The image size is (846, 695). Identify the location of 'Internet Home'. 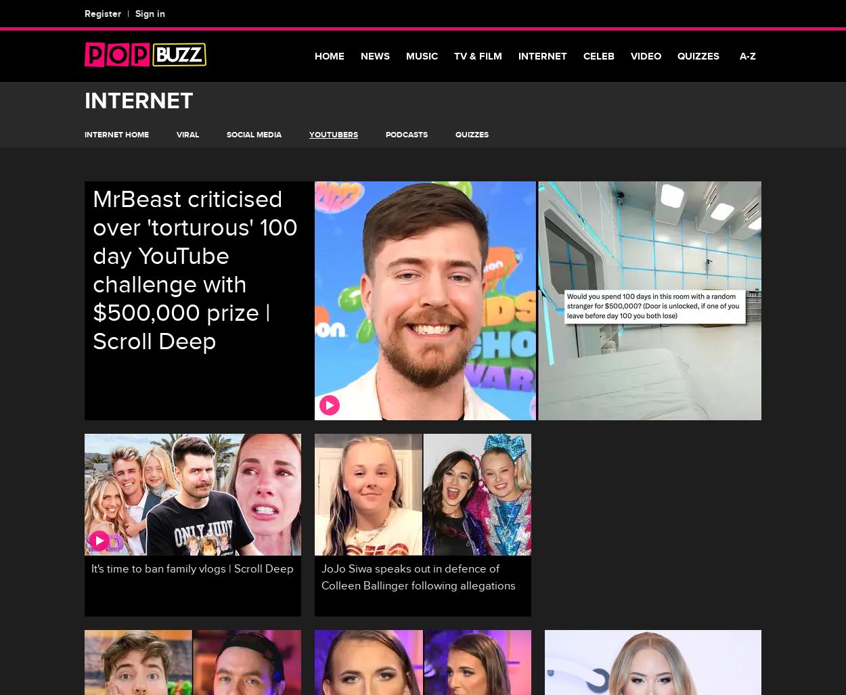
(116, 134).